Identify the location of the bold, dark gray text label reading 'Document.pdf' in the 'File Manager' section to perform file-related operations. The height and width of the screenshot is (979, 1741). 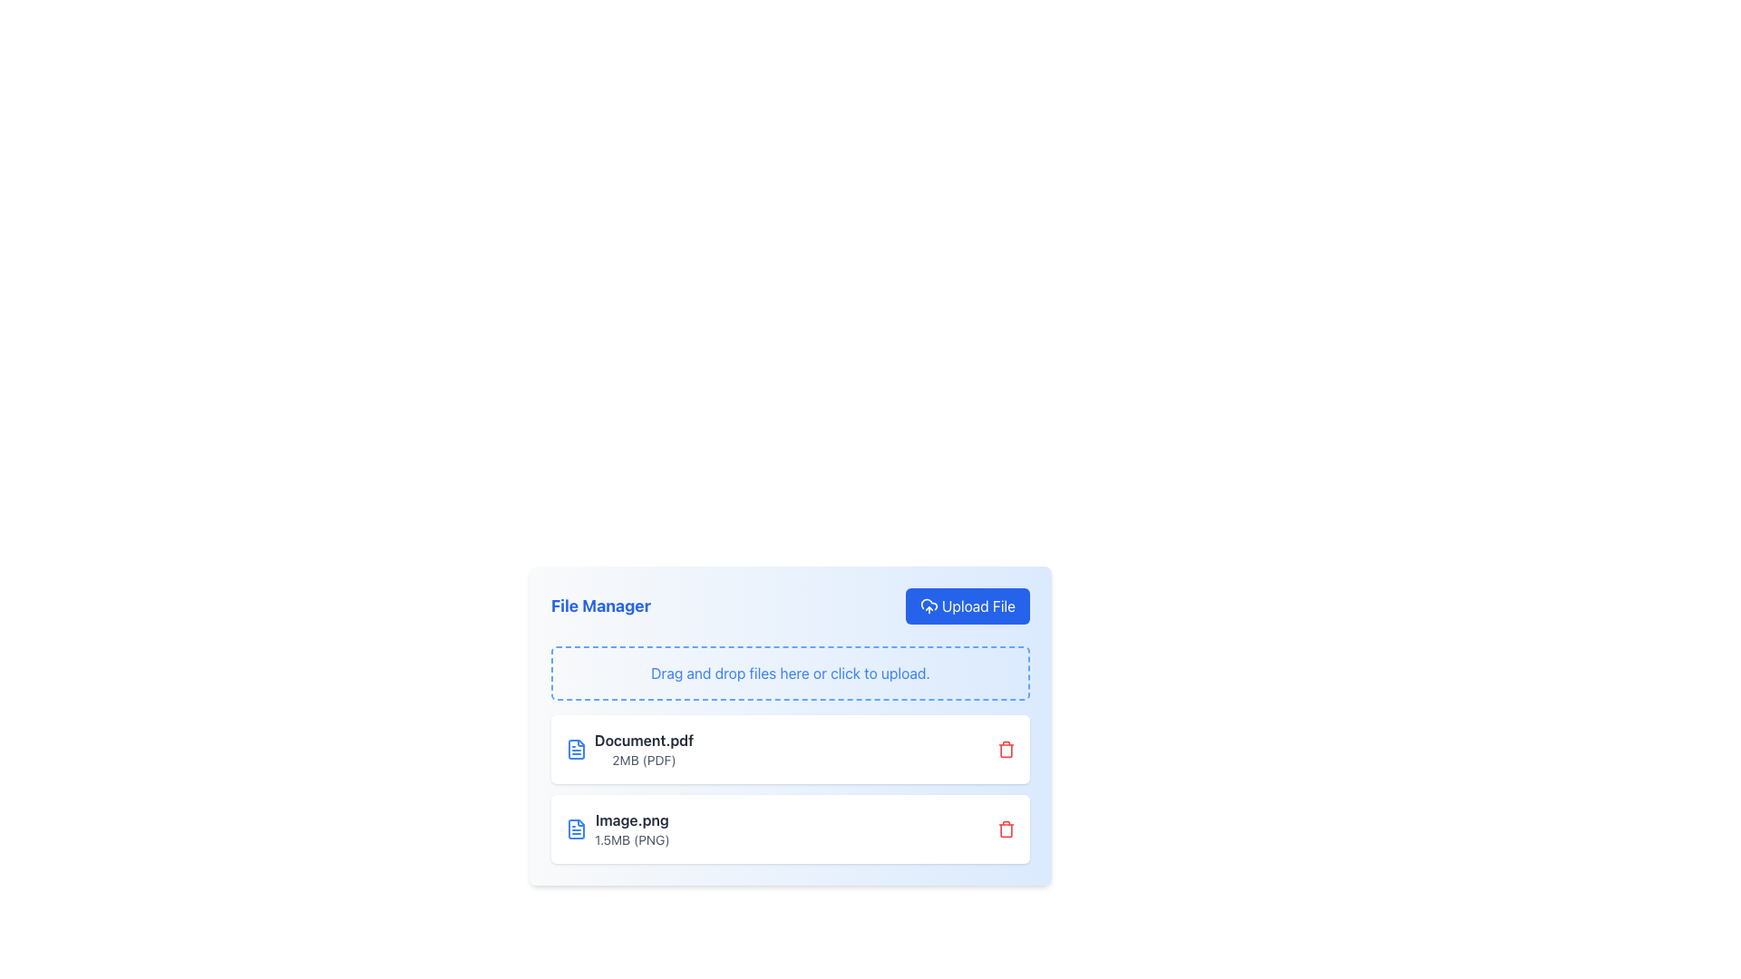
(644, 741).